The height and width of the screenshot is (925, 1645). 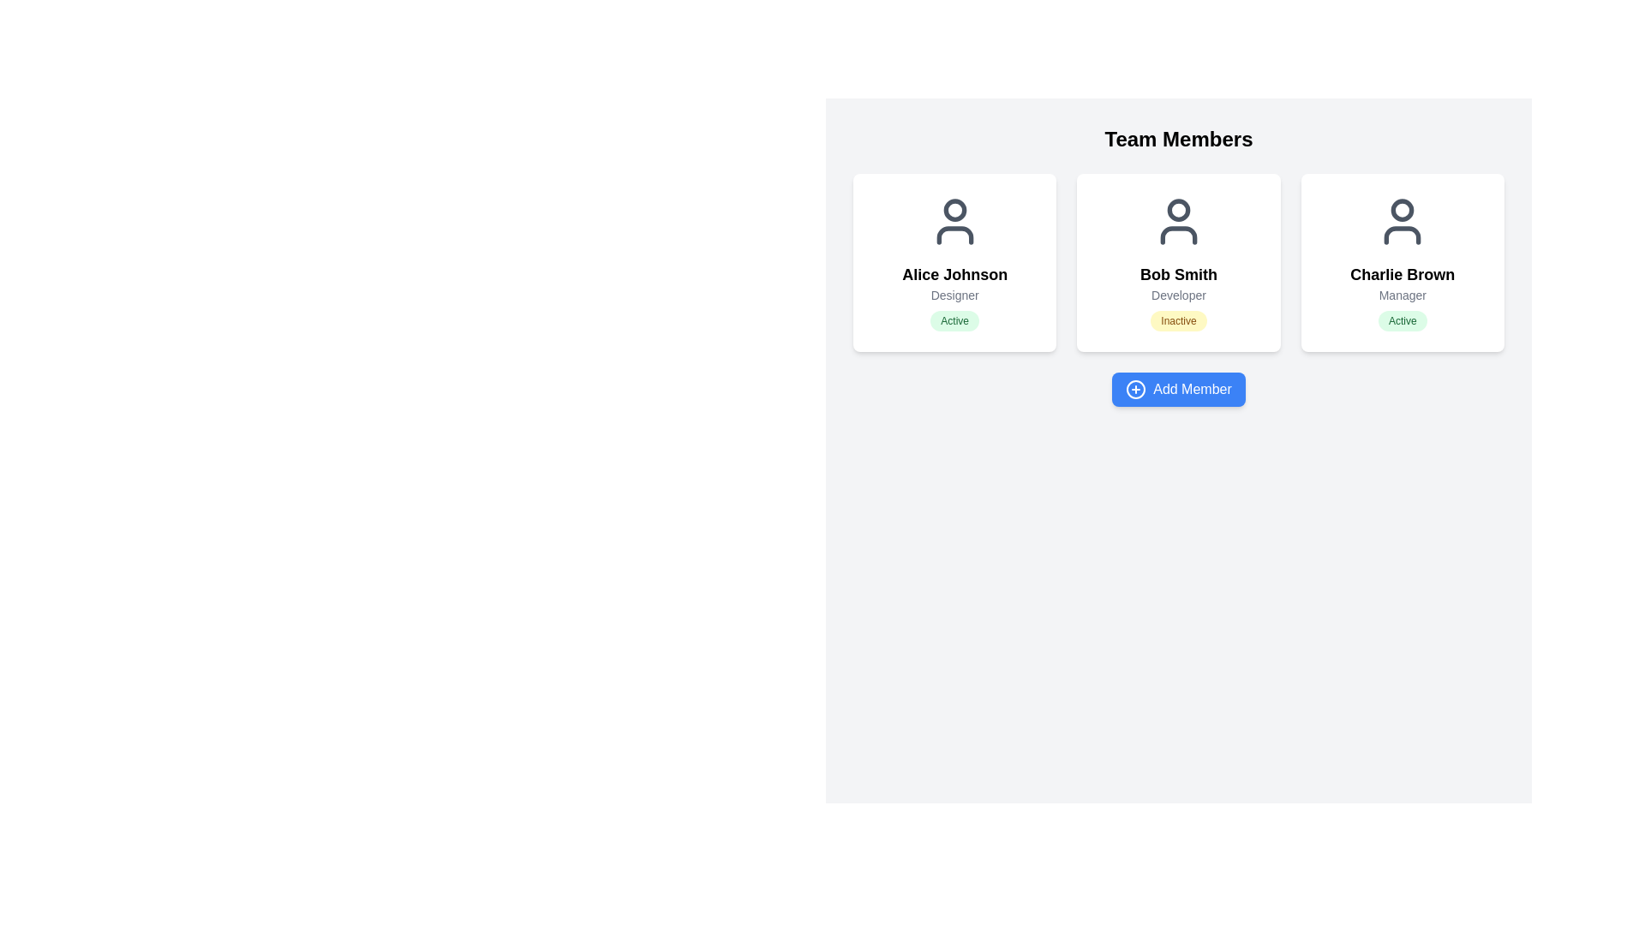 What do you see at coordinates (1178, 294) in the screenshot?
I see `the Text Label indicating the job title or role associated with 'Bob Smith', which is positioned below the 'Bob Smith' label and above the 'Inactive' label` at bounding box center [1178, 294].